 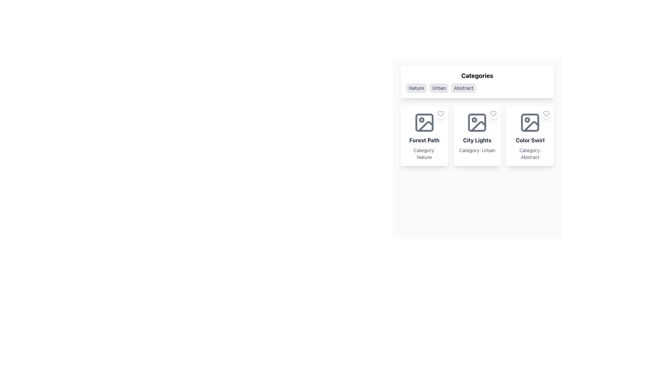 What do you see at coordinates (474, 120) in the screenshot?
I see `the decorative circle within the SVG graphic of the 'City Lights' card, which is the second card from the left in the Urban category` at bounding box center [474, 120].